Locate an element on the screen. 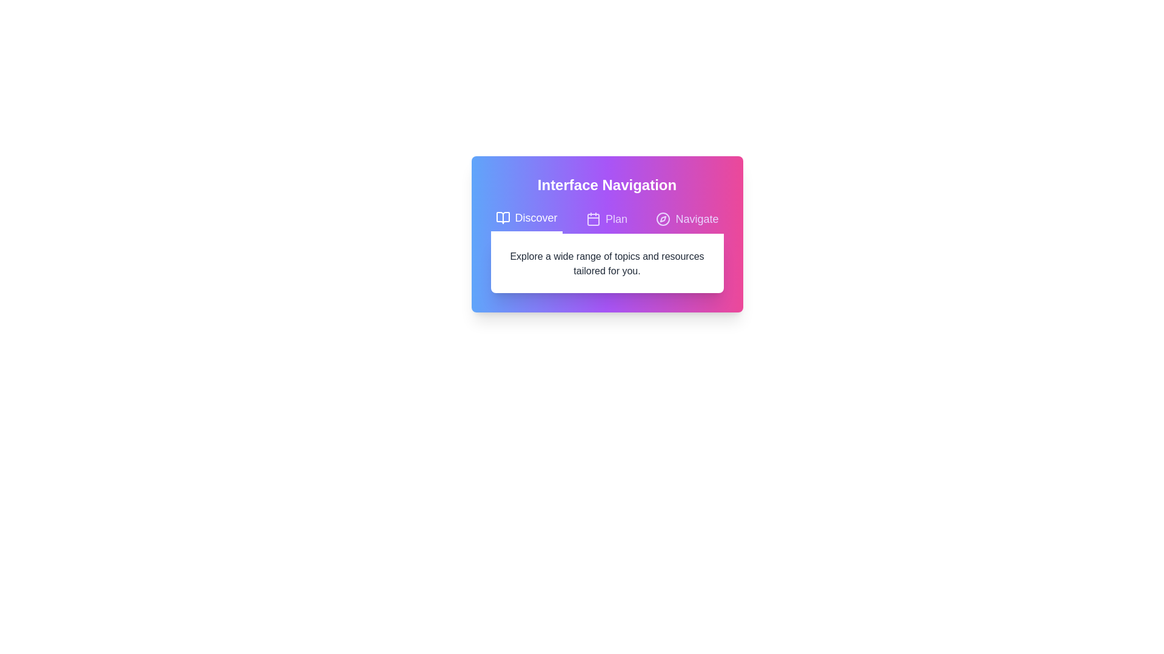 The width and height of the screenshot is (1164, 654). the text block located centrally within the card component, positioned below the navigation bar is located at coordinates (607, 248).